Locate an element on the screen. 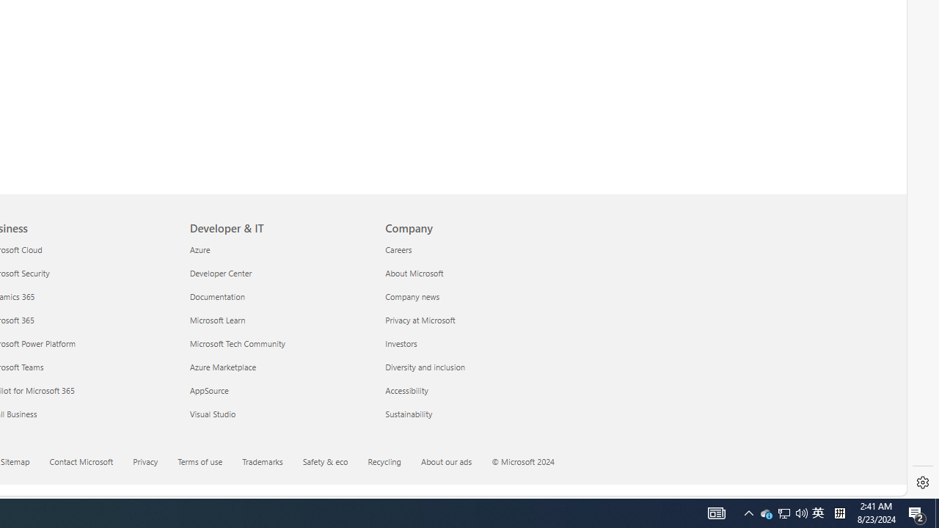 Image resolution: width=939 pixels, height=528 pixels. 'Investors' is located at coordinates (474, 343).